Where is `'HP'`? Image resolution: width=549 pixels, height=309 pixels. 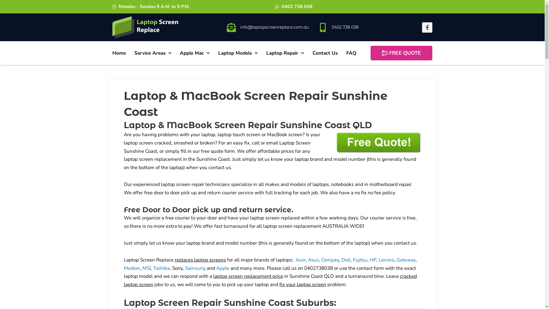
'HP' is located at coordinates (373, 260).